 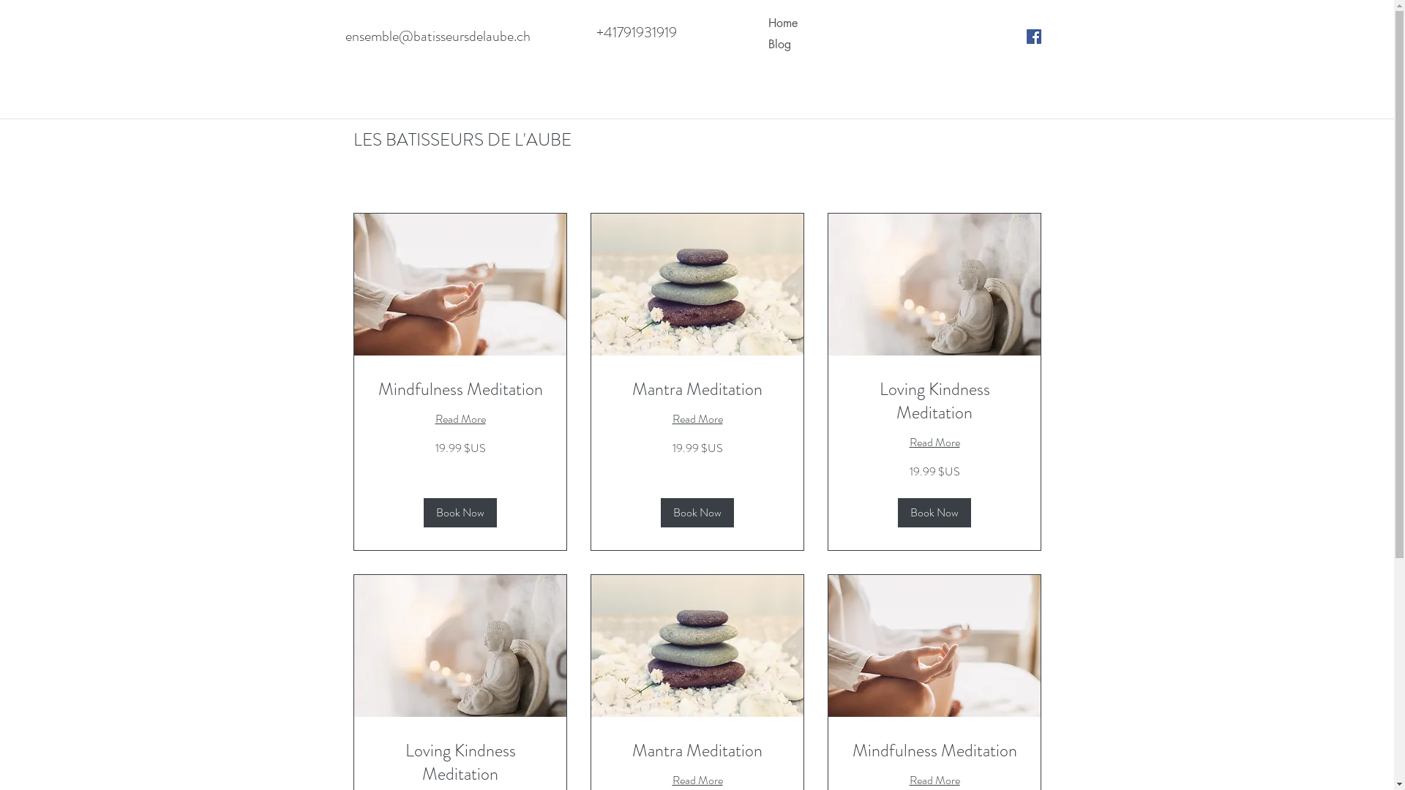 What do you see at coordinates (696, 419) in the screenshot?
I see `'Read More'` at bounding box center [696, 419].